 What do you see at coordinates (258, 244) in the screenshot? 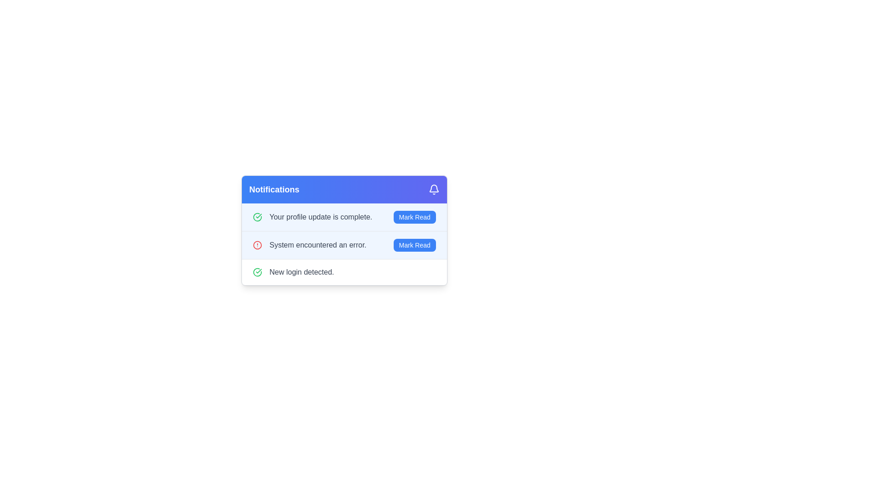
I see `the red-filled circular shape in the notification interface that signifies an alert or error, located to the left of the text 'System encountered an error.'` at bounding box center [258, 244].